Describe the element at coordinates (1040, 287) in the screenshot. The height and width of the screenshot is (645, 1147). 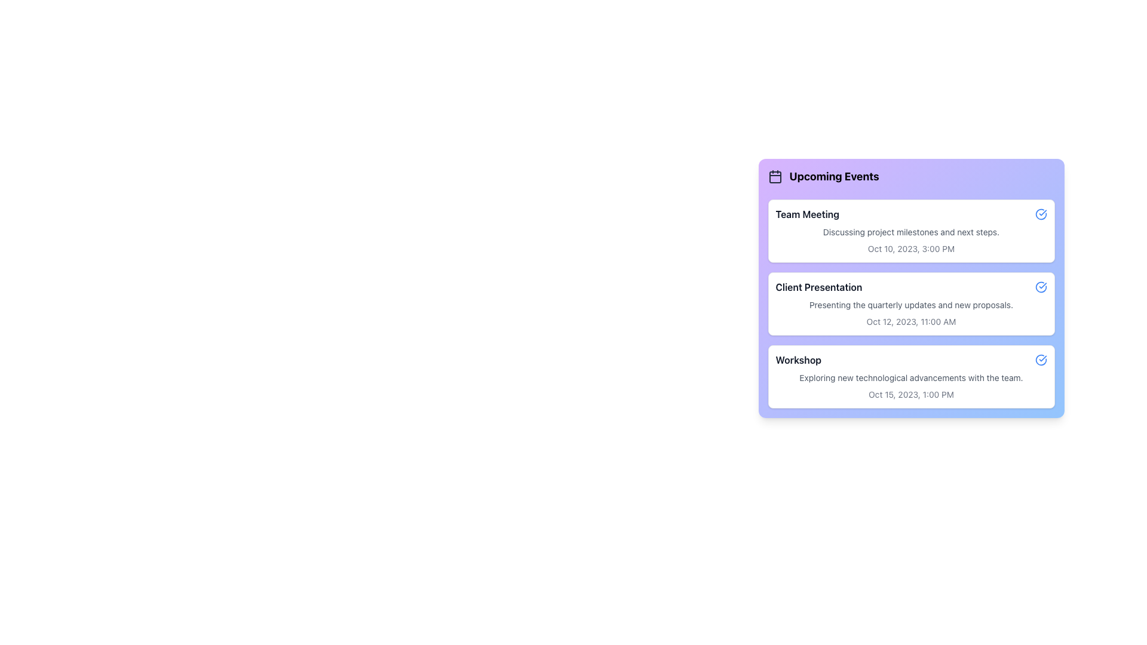
I see `the status icon located on the far-right side of the 'Client Presentation' section in the 'Upcoming Events' list` at that location.